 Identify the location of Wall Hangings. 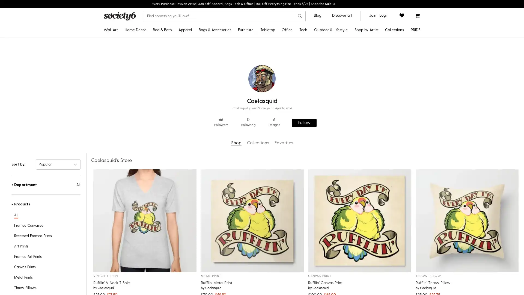
(128, 123).